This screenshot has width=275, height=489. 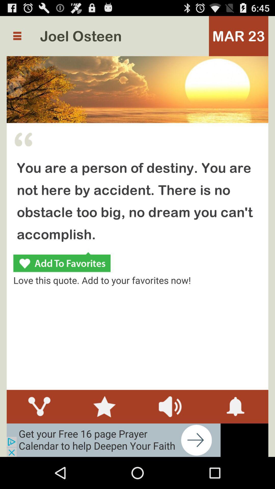 What do you see at coordinates (17, 36) in the screenshot?
I see `open complementary menu` at bounding box center [17, 36].